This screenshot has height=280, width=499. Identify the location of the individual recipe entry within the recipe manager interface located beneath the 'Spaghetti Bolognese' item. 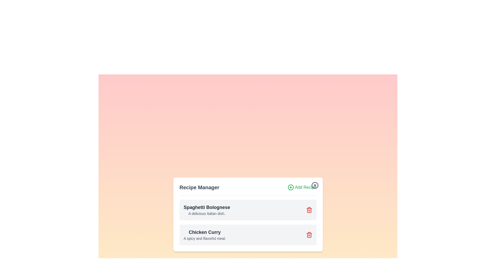
(248, 235).